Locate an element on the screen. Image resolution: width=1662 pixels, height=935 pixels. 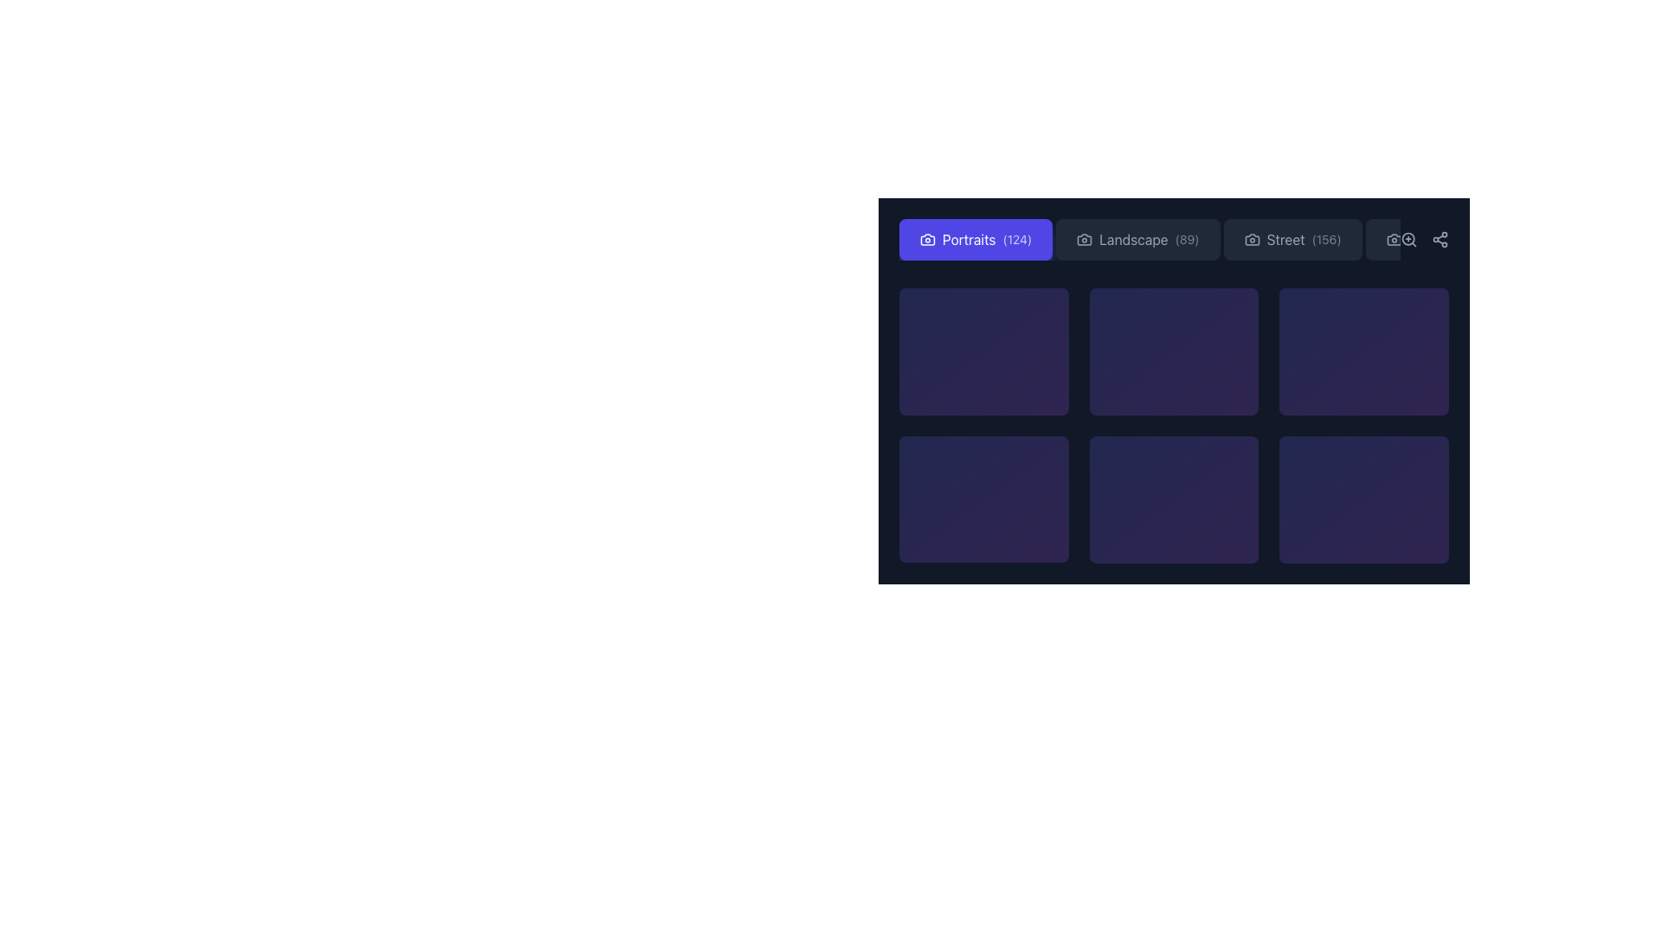
the small text label displaying '(89)', which is aligned next to 'Landscape' within the navigation section of the second button is located at coordinates (1186, 240).